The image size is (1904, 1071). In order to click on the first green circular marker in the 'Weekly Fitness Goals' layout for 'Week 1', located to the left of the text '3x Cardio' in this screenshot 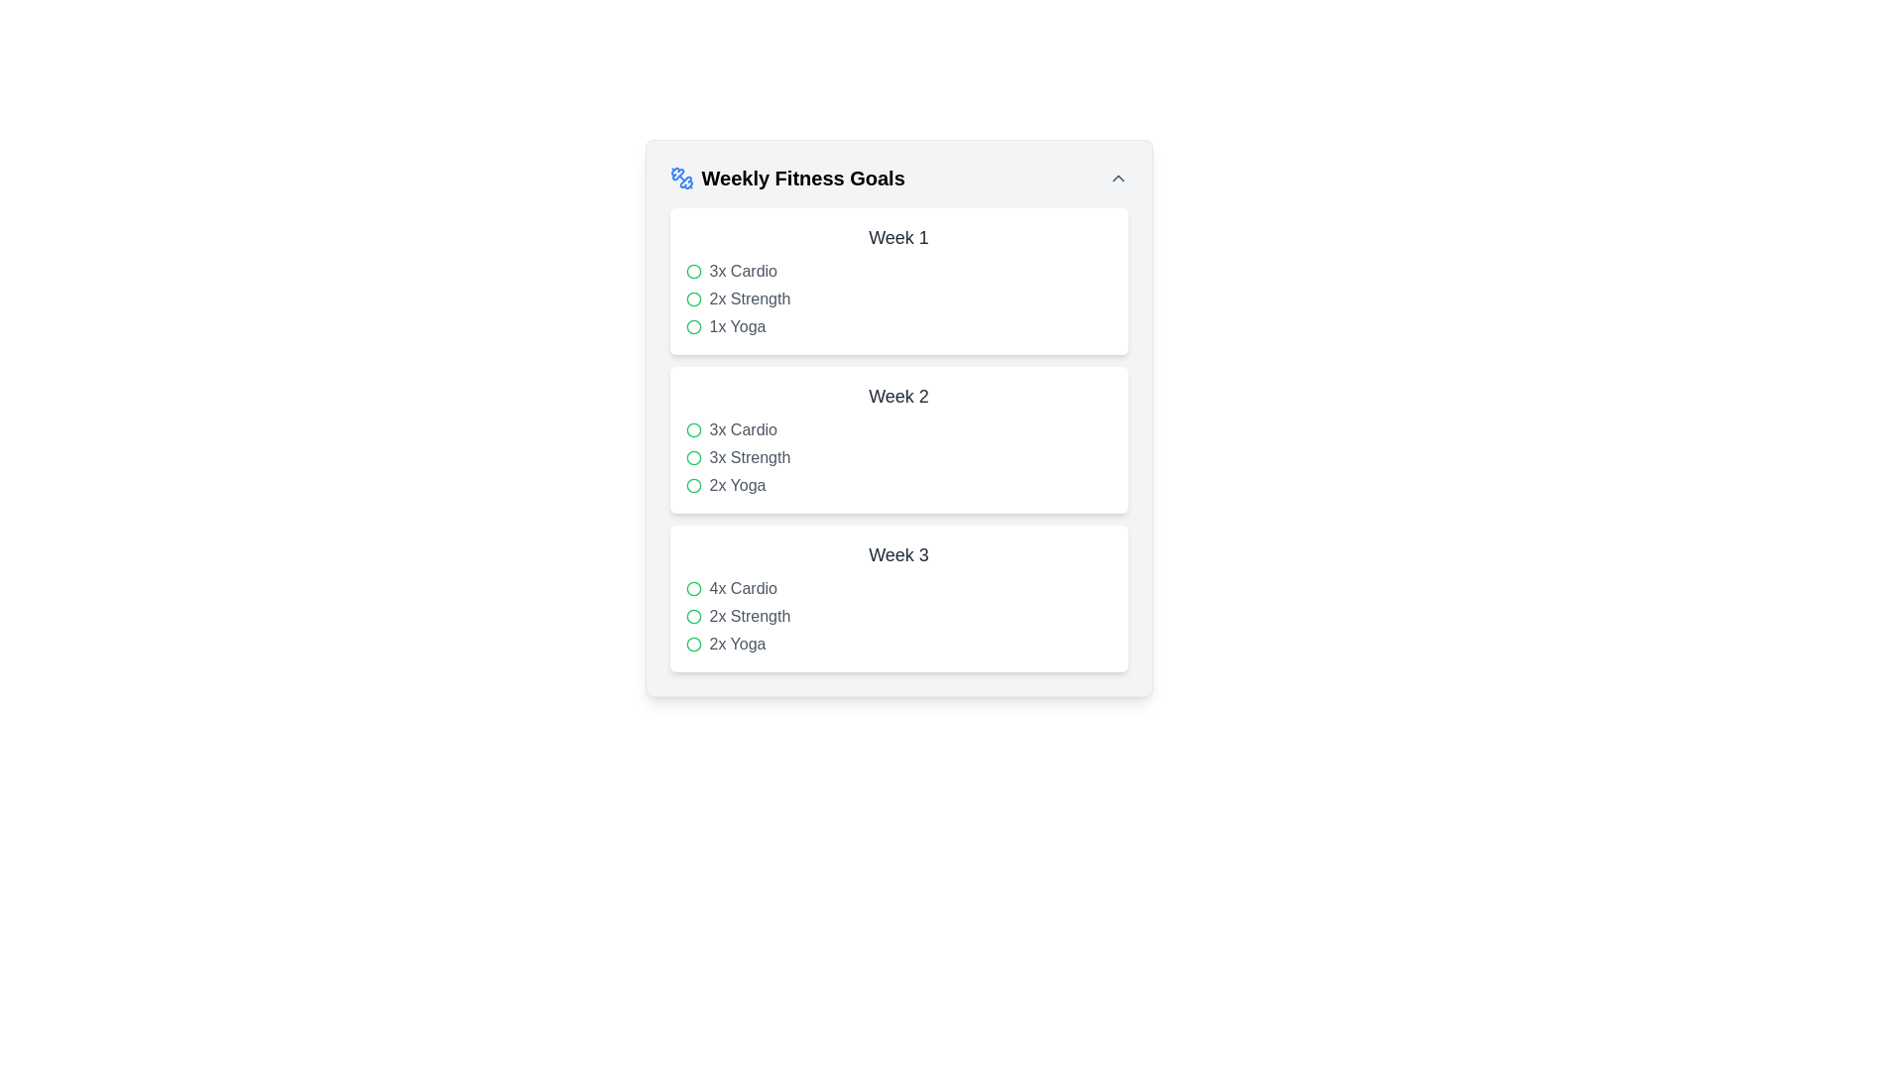, I will do `click(693, 271)`.